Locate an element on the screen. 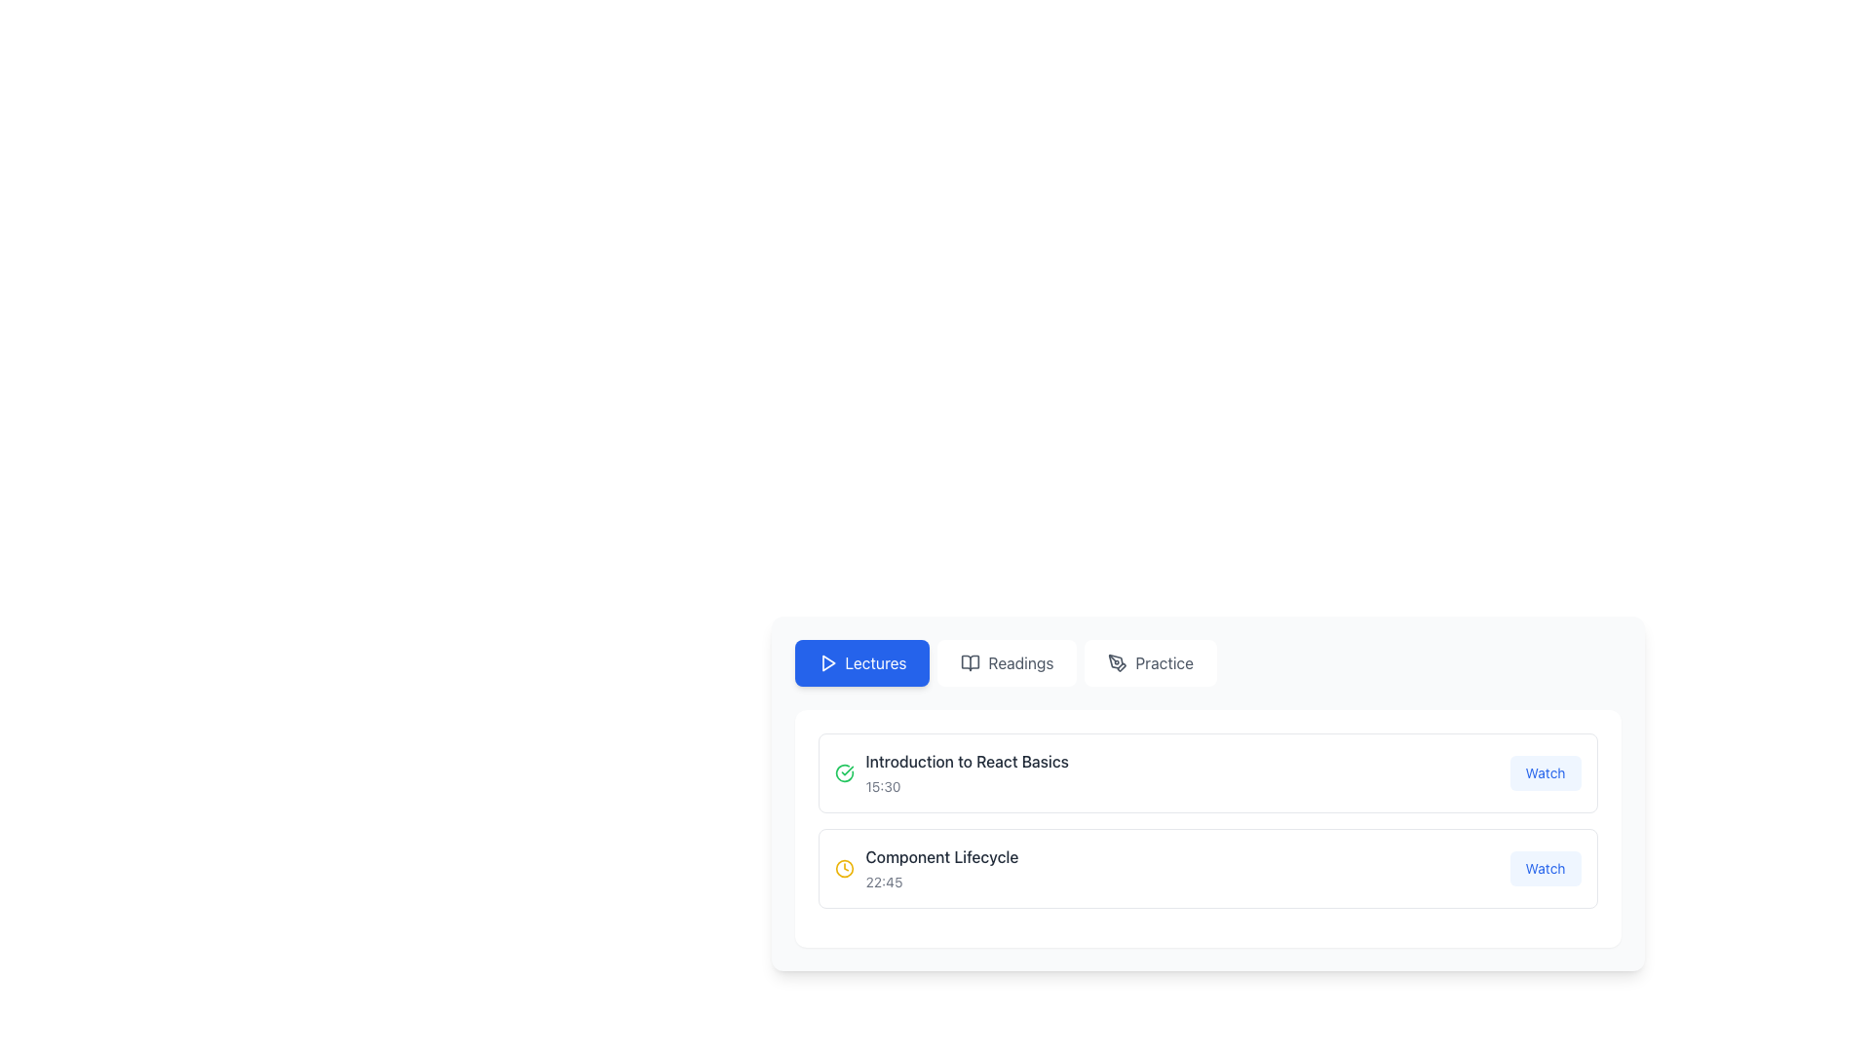 The width and height of the screenshot is (1871, 1052). the 'Component Lifecycle' display element, which includes the text 'Component Lifecycle' and '22:45' with an orange clock icon, by performing a left click is located at coordinates (925, 867).